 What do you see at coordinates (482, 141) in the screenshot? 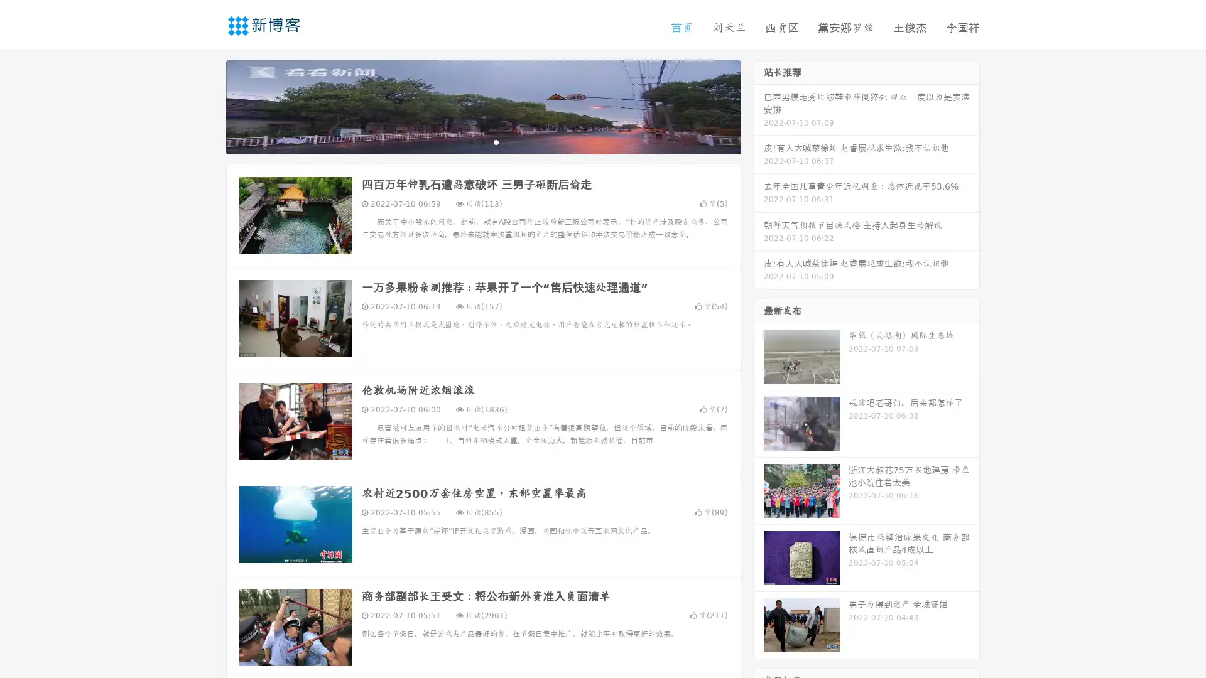
I see `Go to slide 2` at bounding box center [482, 141].